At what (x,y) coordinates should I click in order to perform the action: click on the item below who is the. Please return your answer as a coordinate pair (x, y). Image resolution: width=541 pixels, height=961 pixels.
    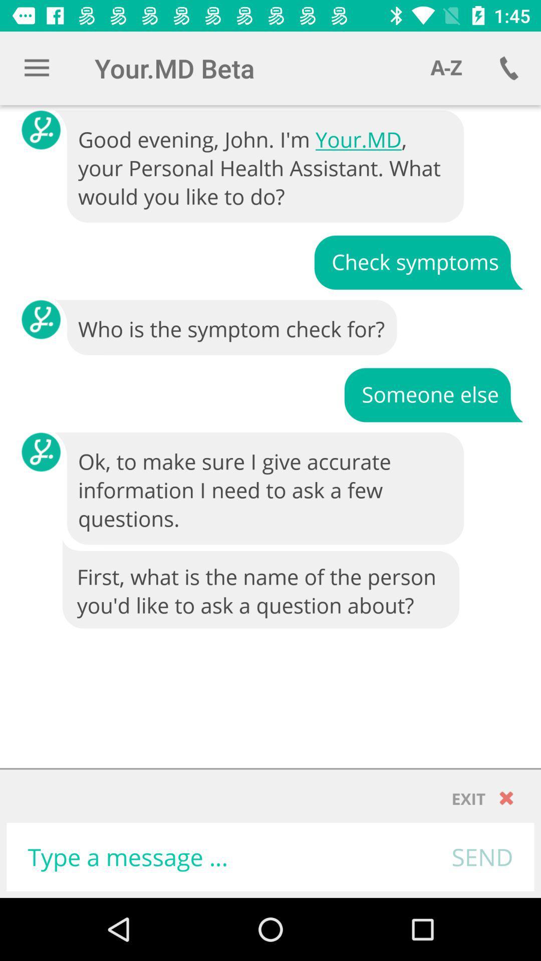
    Looking at the image, I should click on (433, 393).